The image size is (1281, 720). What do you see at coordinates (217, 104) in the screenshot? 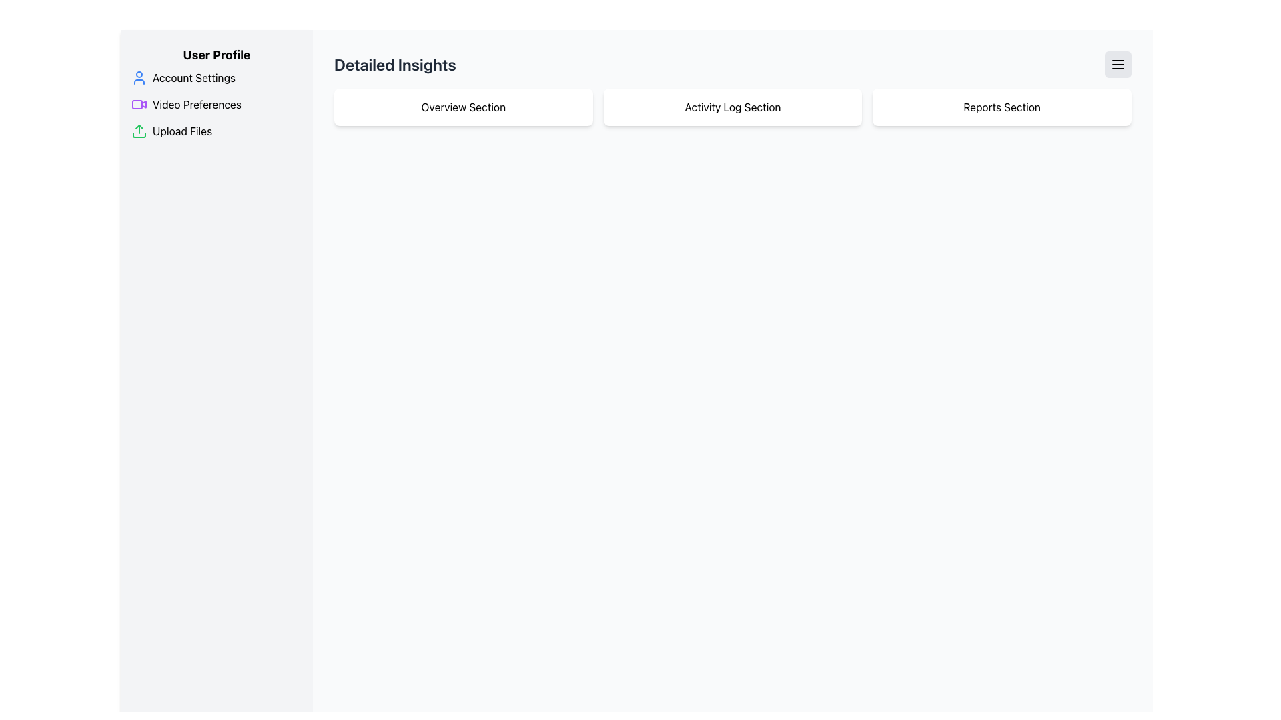
I see `'Video Preferences' list item, which is the second option in the User Profile panel, by clicking on the corresponding icon and text` at bounding box center [217, 104].